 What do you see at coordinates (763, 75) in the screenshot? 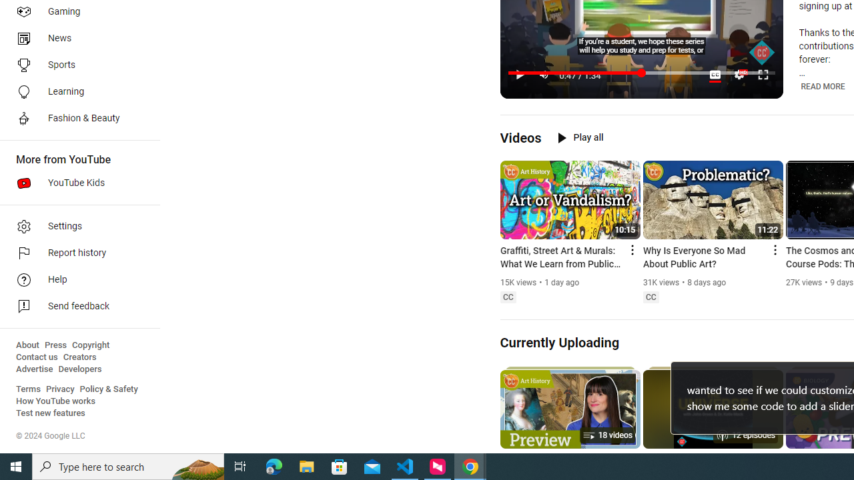
I see `'Full screen keyboard shortcut f'` at bounding box center [763, 75].